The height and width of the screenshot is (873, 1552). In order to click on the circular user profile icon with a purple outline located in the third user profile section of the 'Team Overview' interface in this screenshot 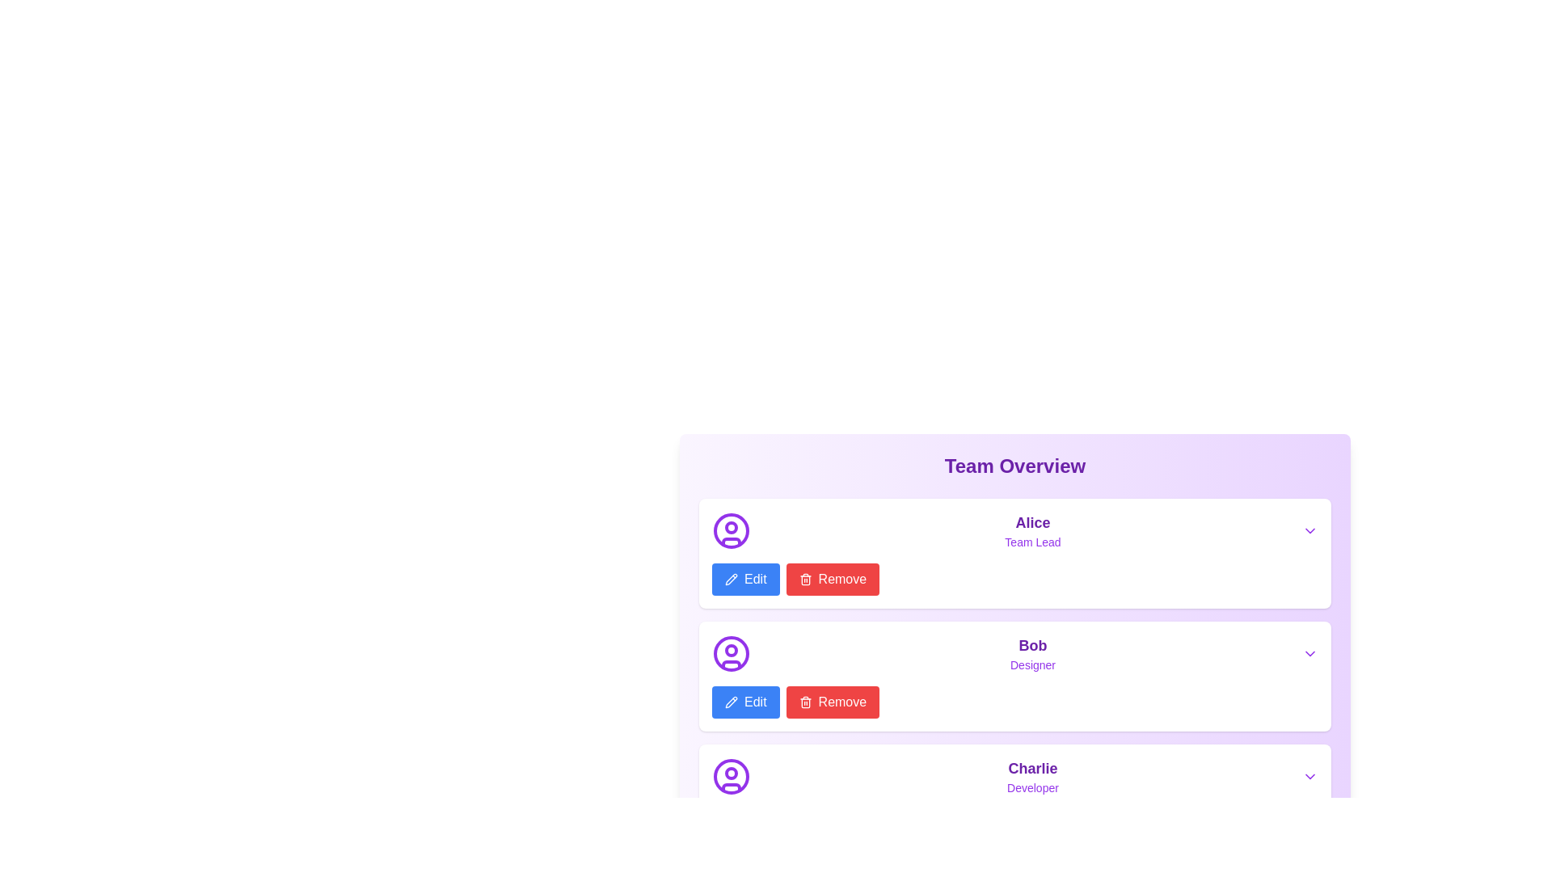, I will do `click(731, 775)`.